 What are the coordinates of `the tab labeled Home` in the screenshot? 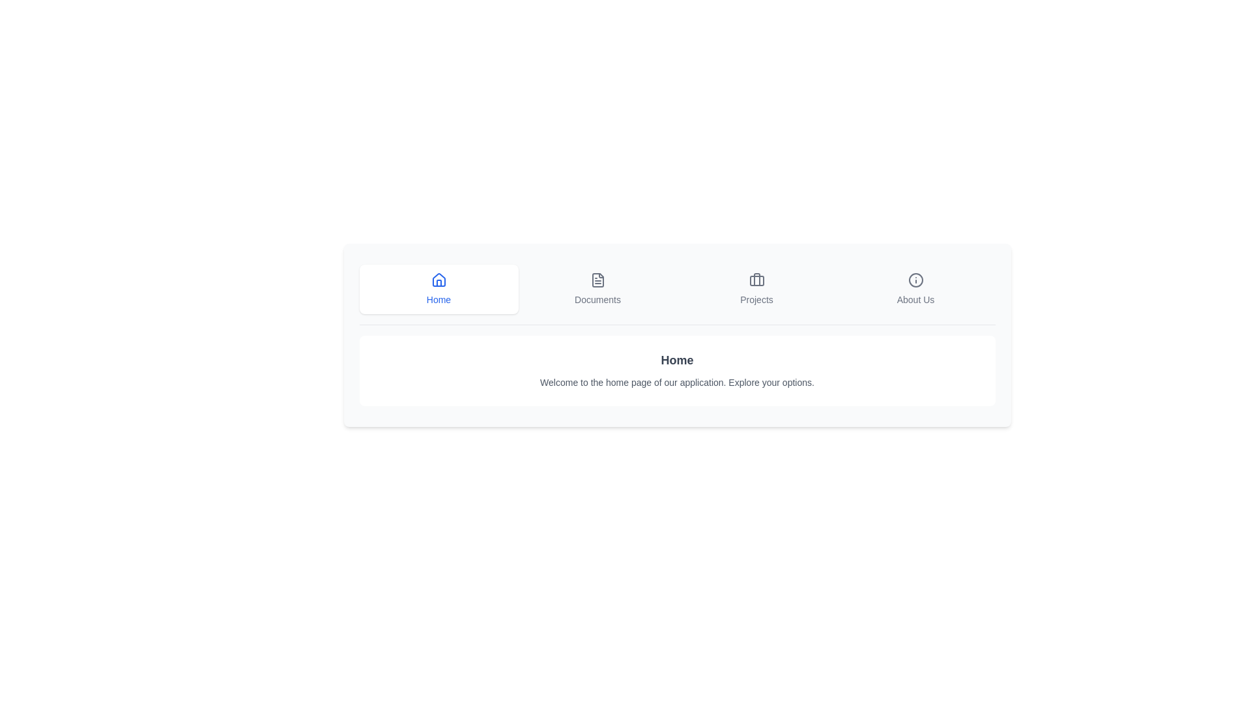 It's located at (439, 288).